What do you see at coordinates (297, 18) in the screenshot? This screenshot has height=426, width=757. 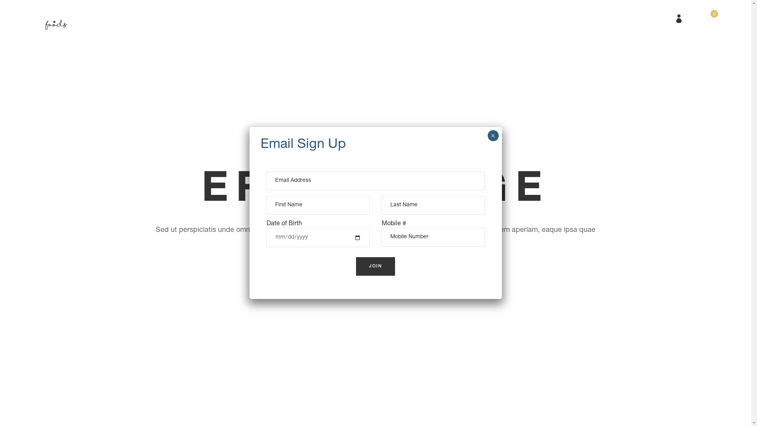 I see `'CHRISTMAS MENU'` at bounding box center [297, 18].